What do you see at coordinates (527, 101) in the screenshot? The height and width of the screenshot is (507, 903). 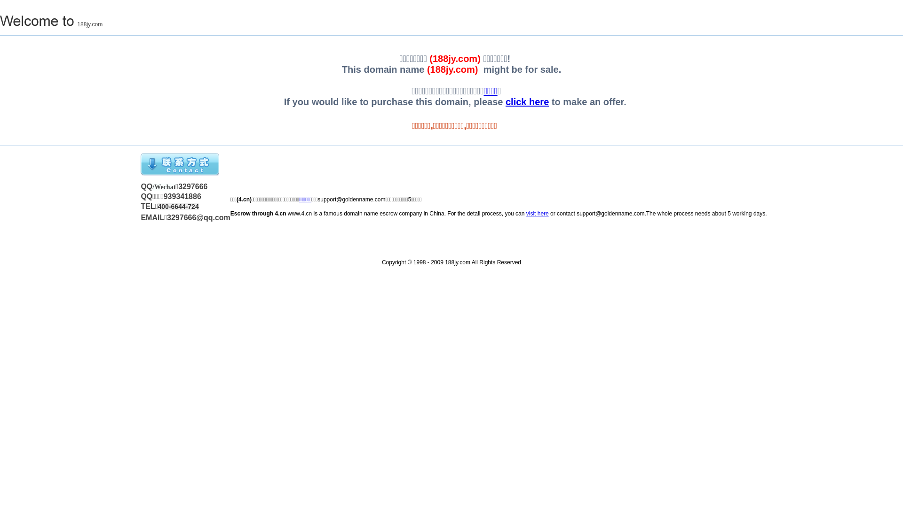 I see `'click here'` at bounding box center [527, 101].